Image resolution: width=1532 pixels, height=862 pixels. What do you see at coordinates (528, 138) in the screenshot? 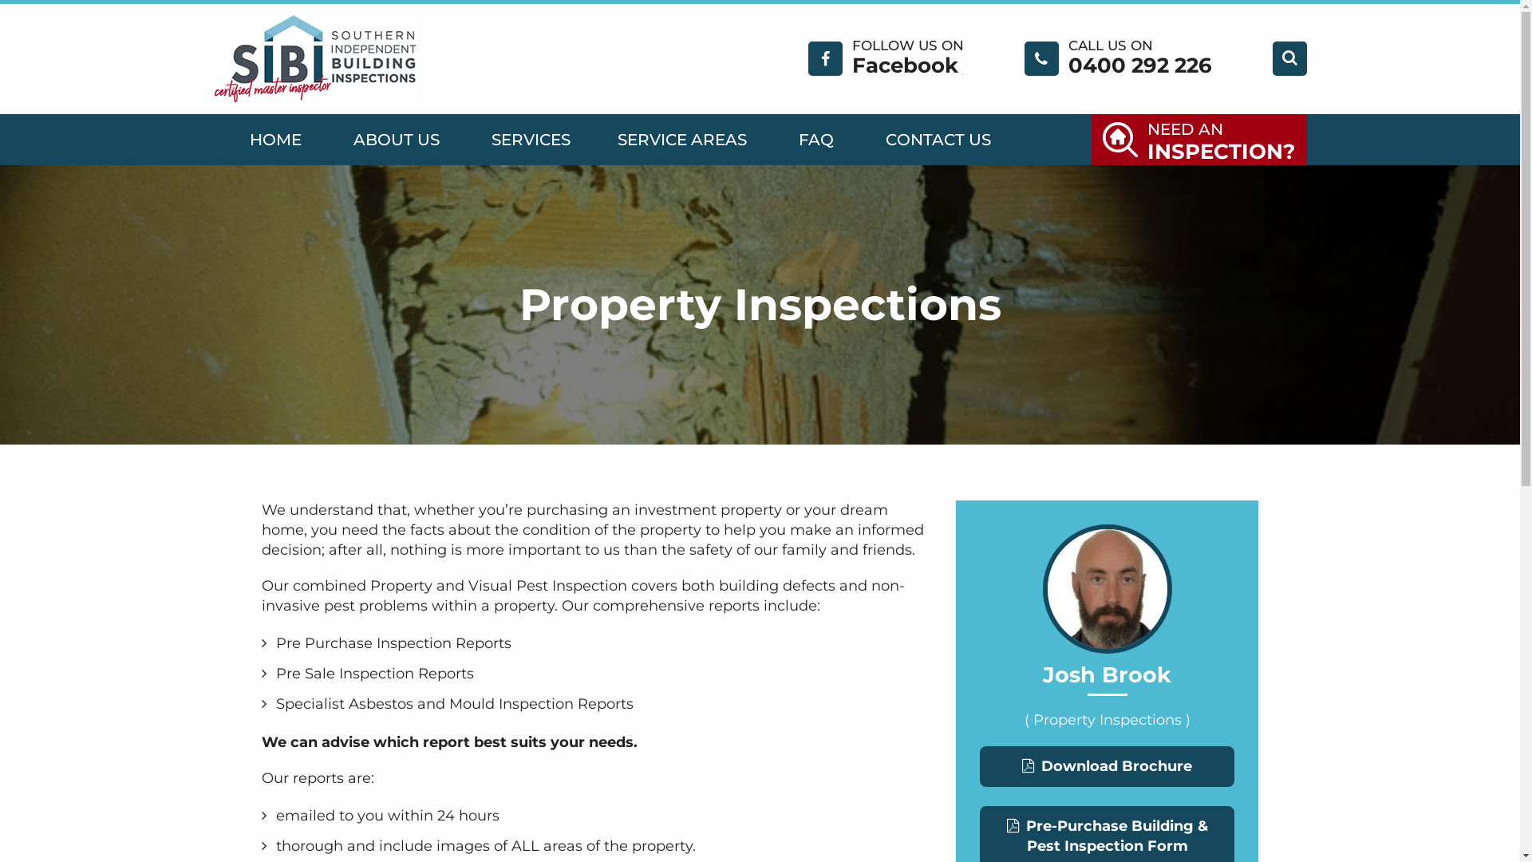
I see `'SERVICES'` at bounding box center [528, 138].